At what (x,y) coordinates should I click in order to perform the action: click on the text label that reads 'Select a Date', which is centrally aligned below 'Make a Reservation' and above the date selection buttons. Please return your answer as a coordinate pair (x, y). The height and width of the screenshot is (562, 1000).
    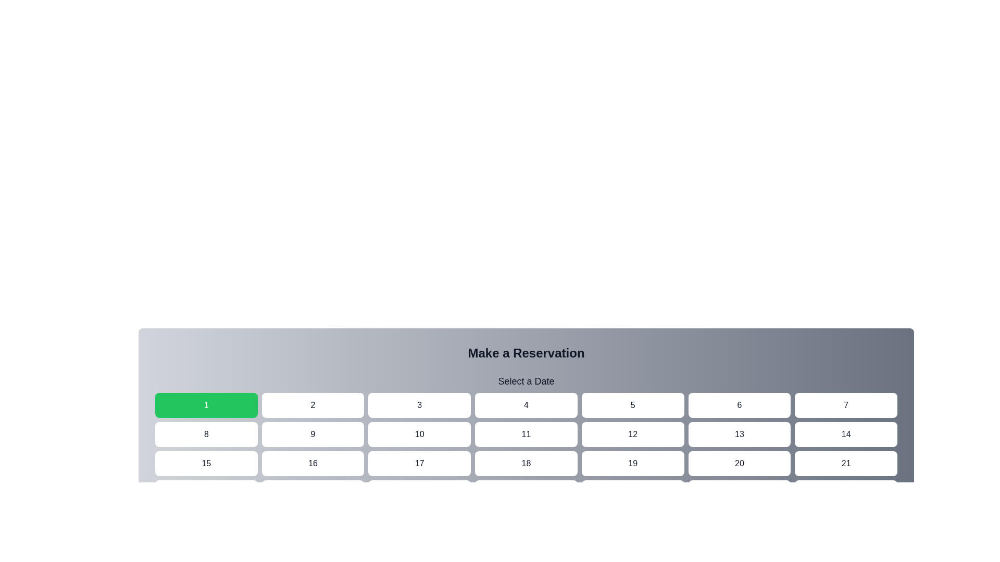
    Looking at the image, I should click on (526, 381).